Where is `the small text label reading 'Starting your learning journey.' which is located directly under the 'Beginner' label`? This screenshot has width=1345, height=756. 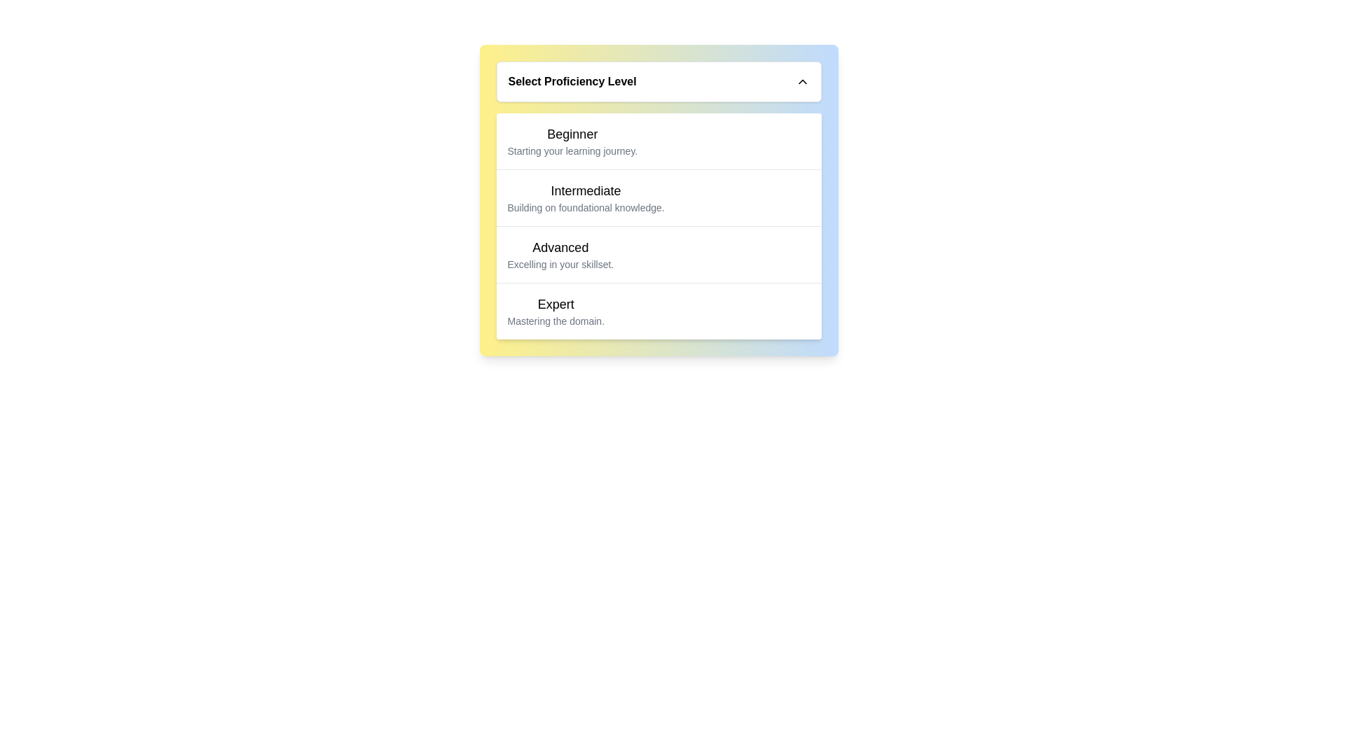
the small text label reading 'Starting your learning journey.' which is located directly under the 'Beginner' label is located at coordinates (572, 151).